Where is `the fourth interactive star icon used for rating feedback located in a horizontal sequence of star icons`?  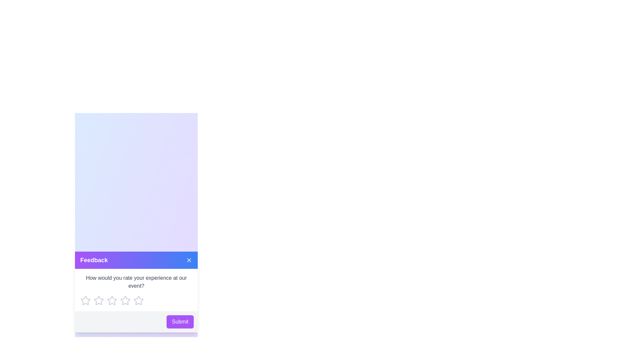 the fourth interactive star icon used for rating feedback located in a horizontal sequence of star icons is located at coordinates (112, 300).